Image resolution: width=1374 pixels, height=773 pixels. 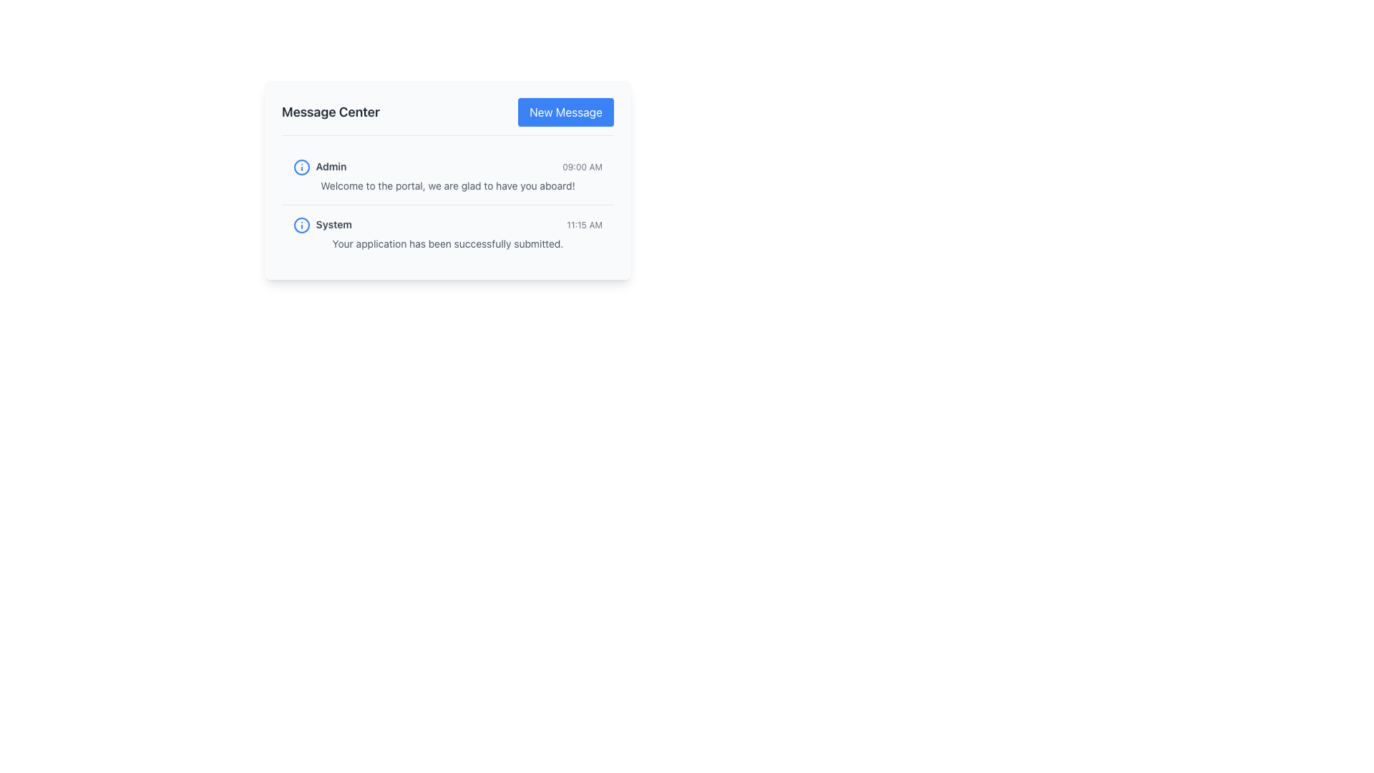 What do you see at coordinates (447, 185) in the screenshot?
I see `message content displayed as 'Welcome to the portal, we are glad to have you aboard!' located below the author and timestamp in a muted gray font` at bounding box center [447, 185].